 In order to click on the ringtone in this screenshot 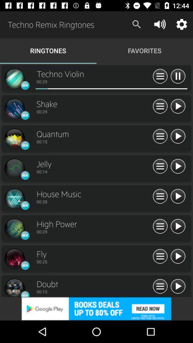, I will do `click(177, 257)`.